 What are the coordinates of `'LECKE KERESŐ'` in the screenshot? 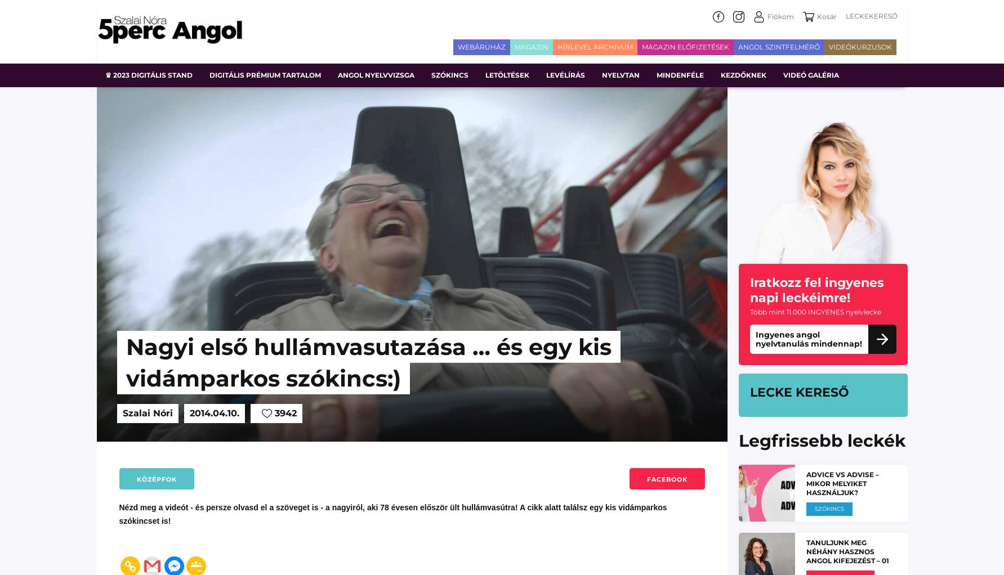 It's located at (749, 392).